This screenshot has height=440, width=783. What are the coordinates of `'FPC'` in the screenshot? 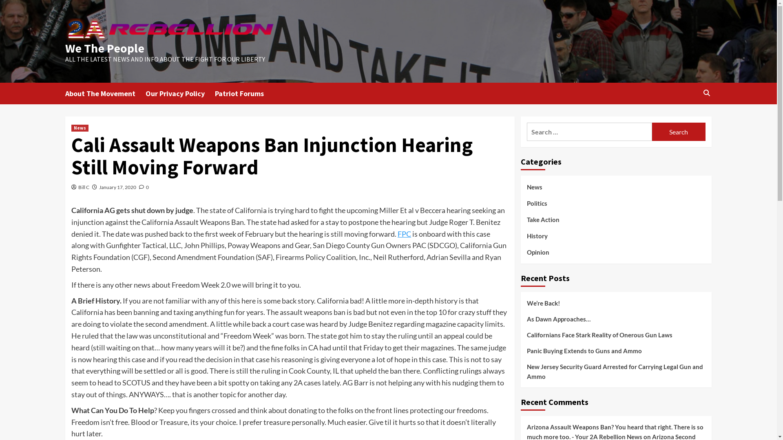 It's located at (404, 234).